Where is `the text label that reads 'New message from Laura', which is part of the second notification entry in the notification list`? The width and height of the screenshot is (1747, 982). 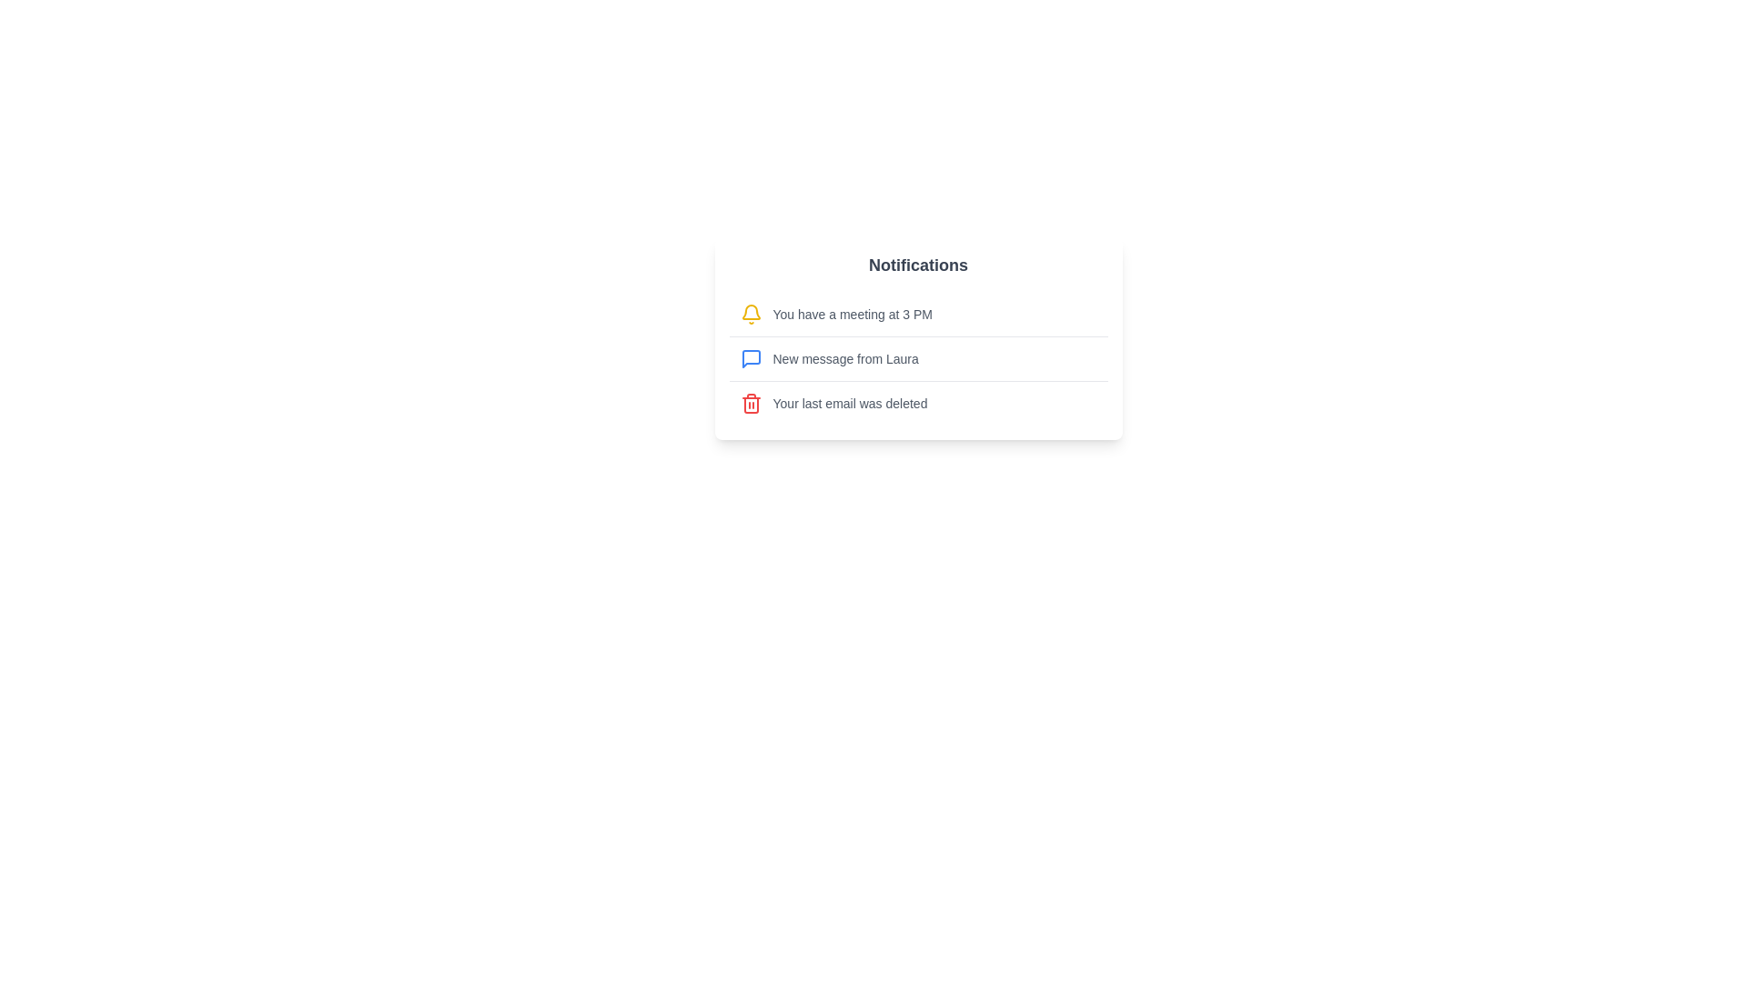 the text label that reads 'New message from Laura', which is part of the second notification entry in the notification list is located at coordinates (844, 358).